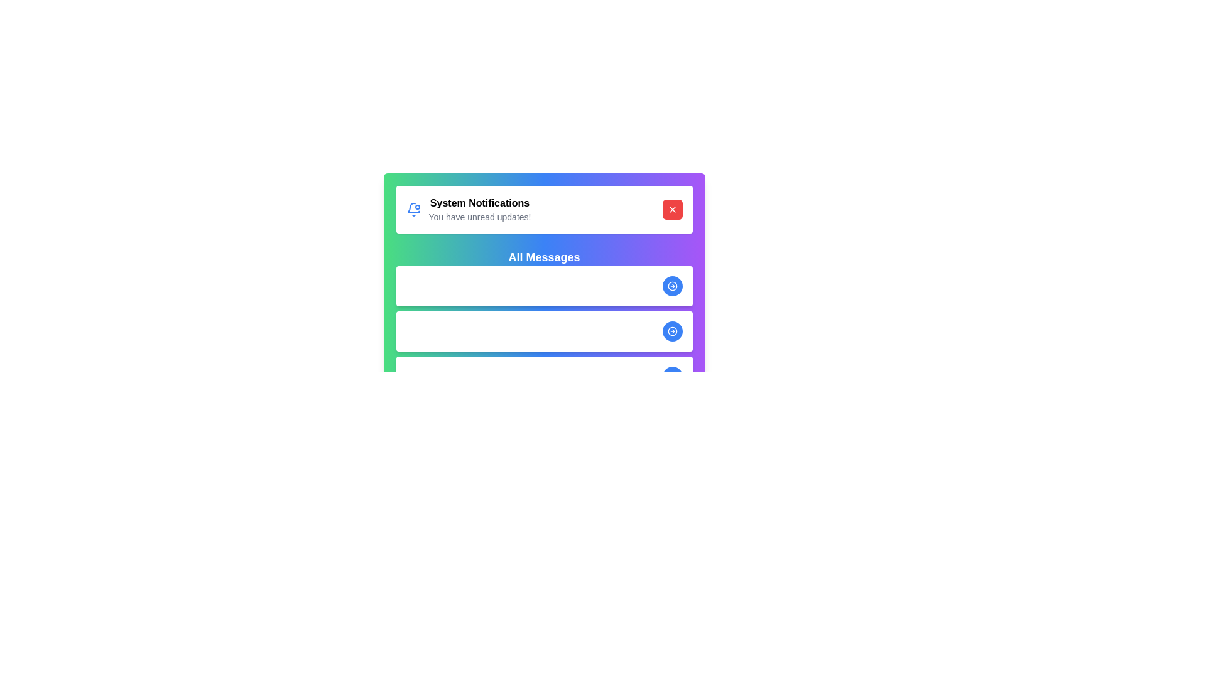 The width and height of the screenshot is (1206, 678). Describe the element at coordinates (671, 286) in the screenshot. I see `the action button for the message titled 'Update feature deployed'` at that location.